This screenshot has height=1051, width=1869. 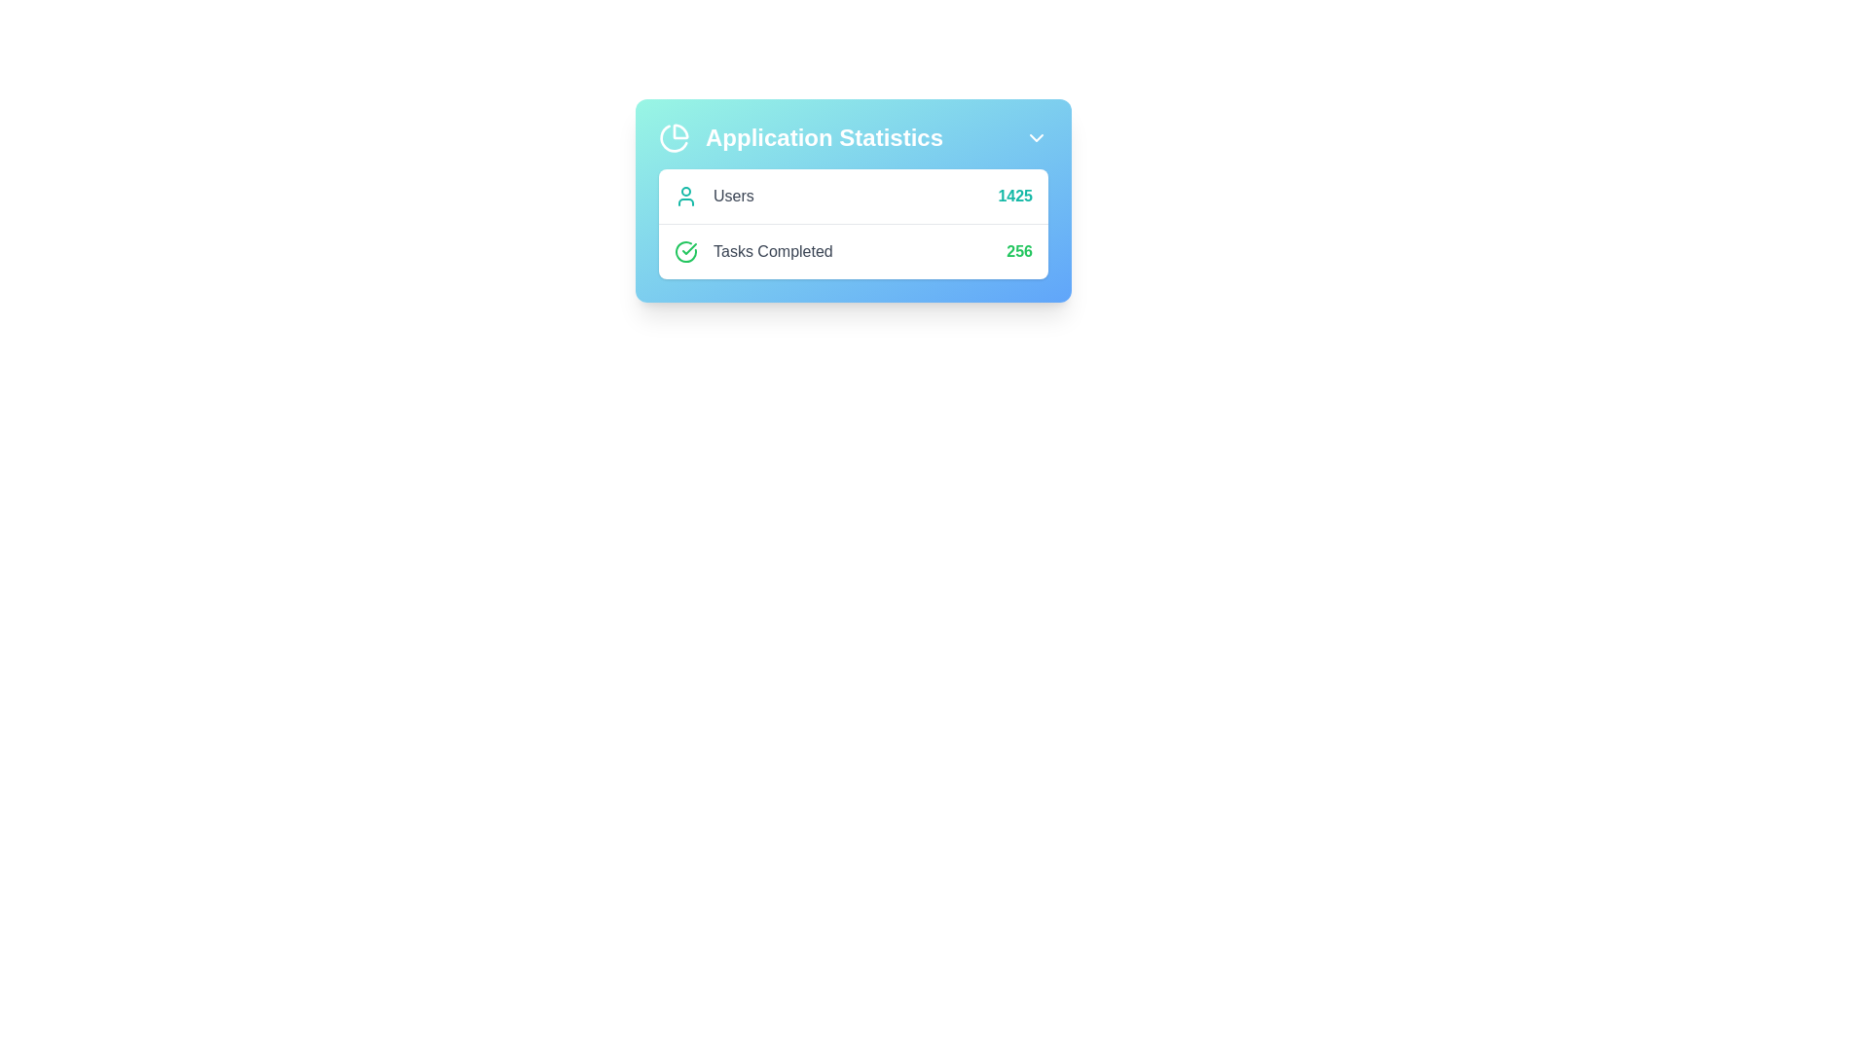 I want to click on the user outline SVG icon, which is teal in color and located to the left of the text 'Users', so click(x=686, y=196).